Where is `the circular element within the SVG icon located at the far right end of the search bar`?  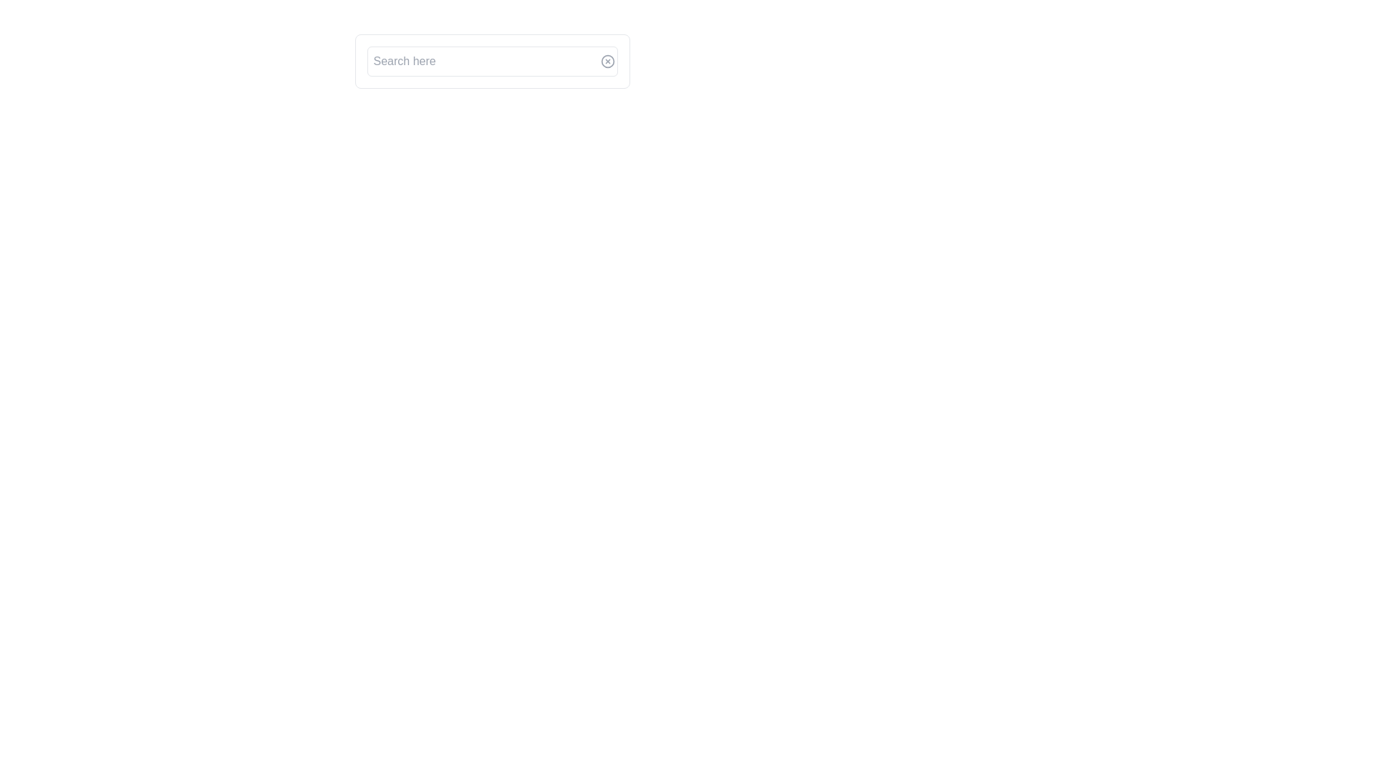 the circular element within the SVG icon located at the far right end of the search bar is located at coordinates (607, 60).